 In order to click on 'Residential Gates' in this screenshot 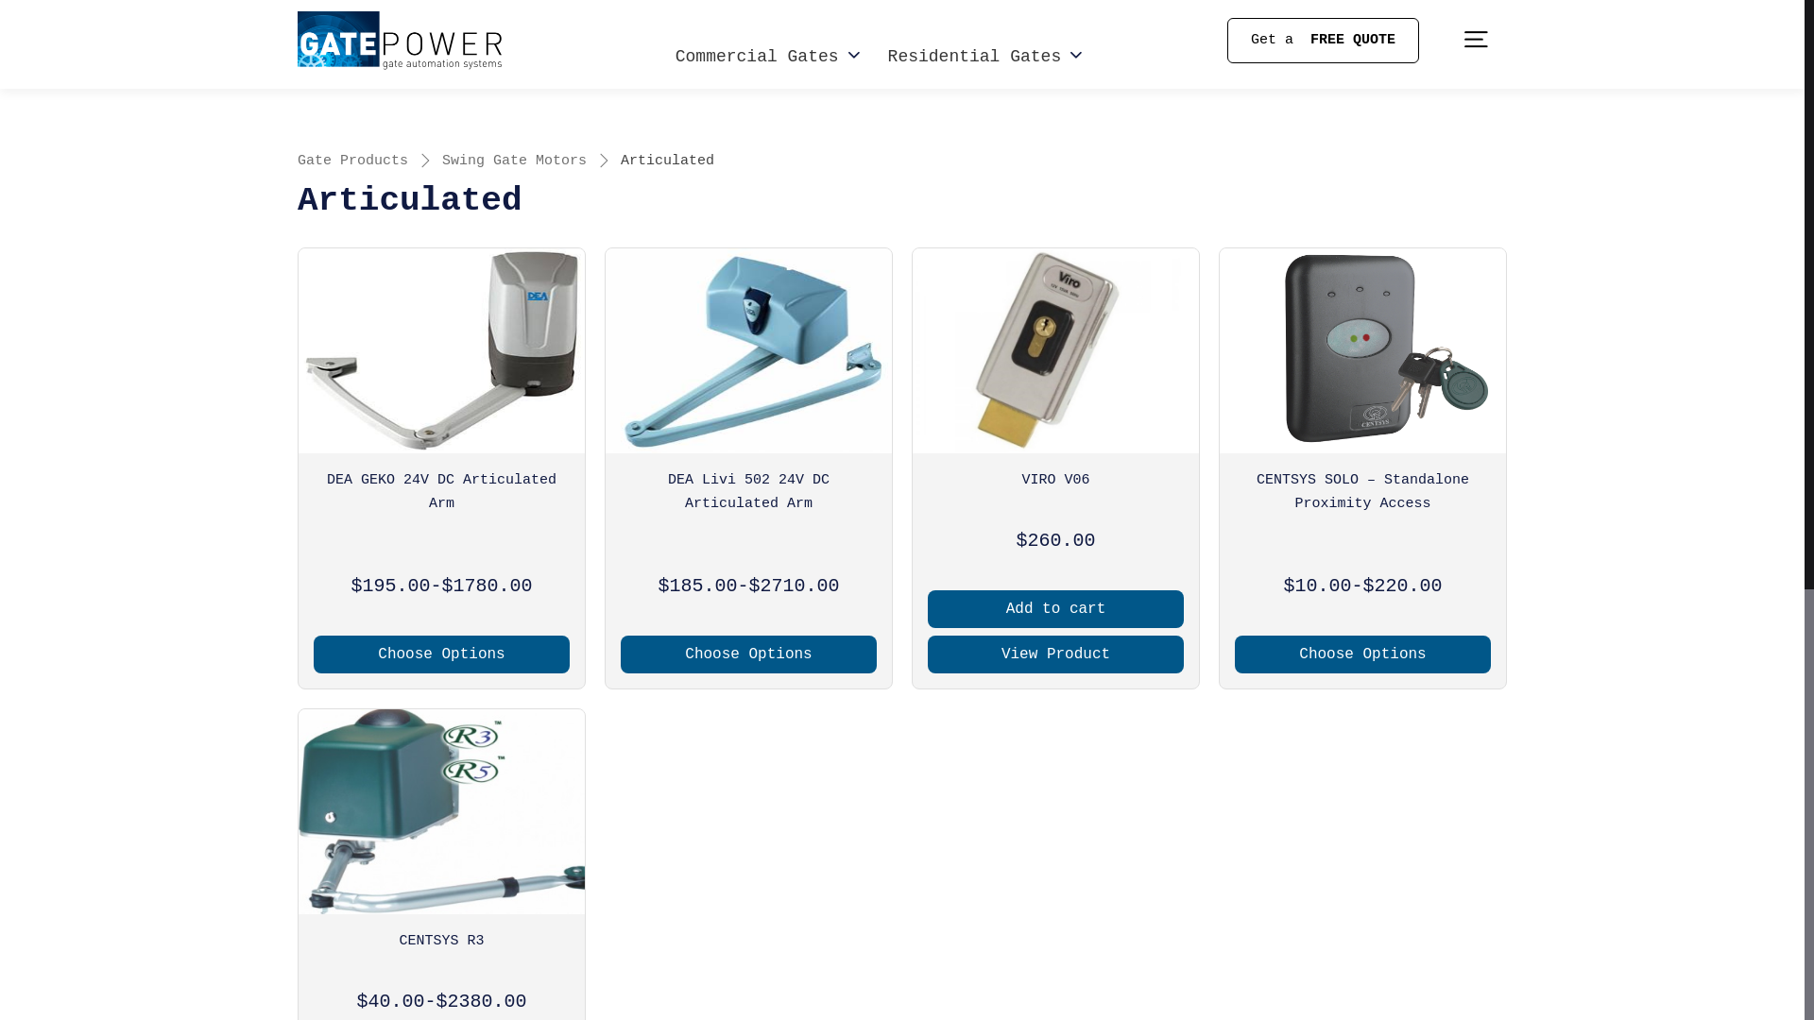, I will do `click(887, 56)`.